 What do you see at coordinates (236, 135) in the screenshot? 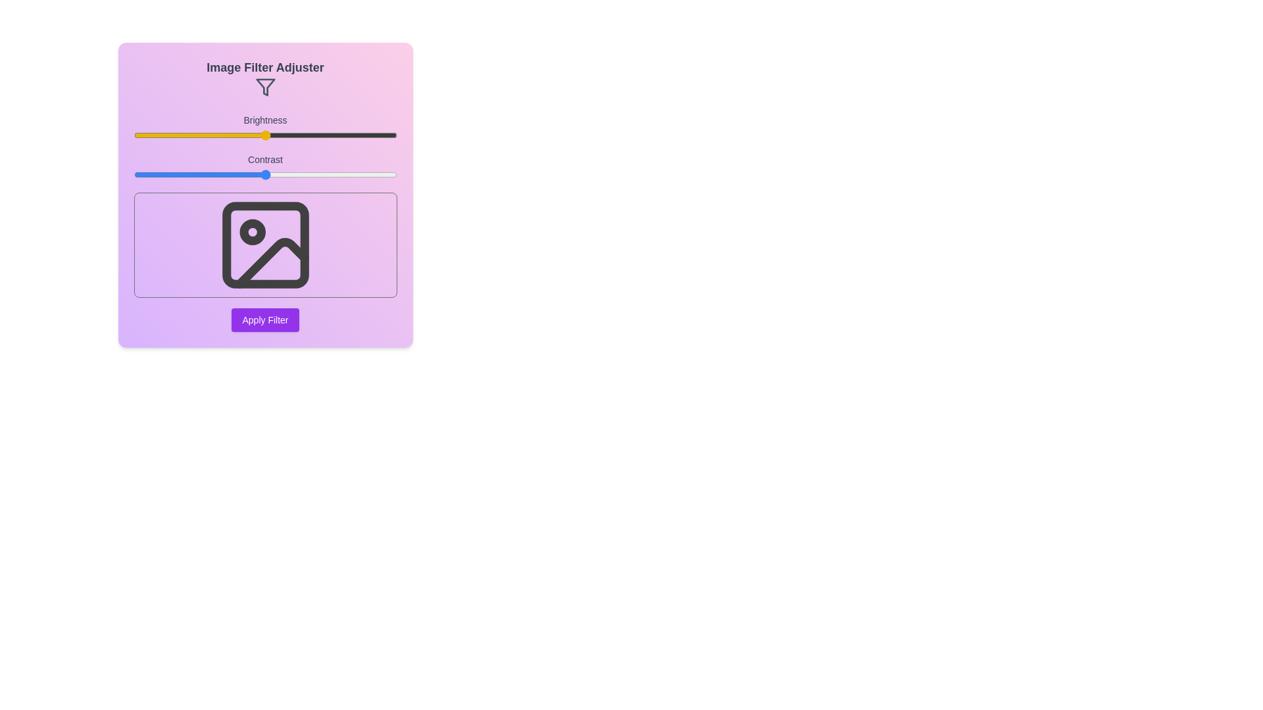
I see `the brightness slider to 39% and observe the preview image` at bounding box center [236, 135].